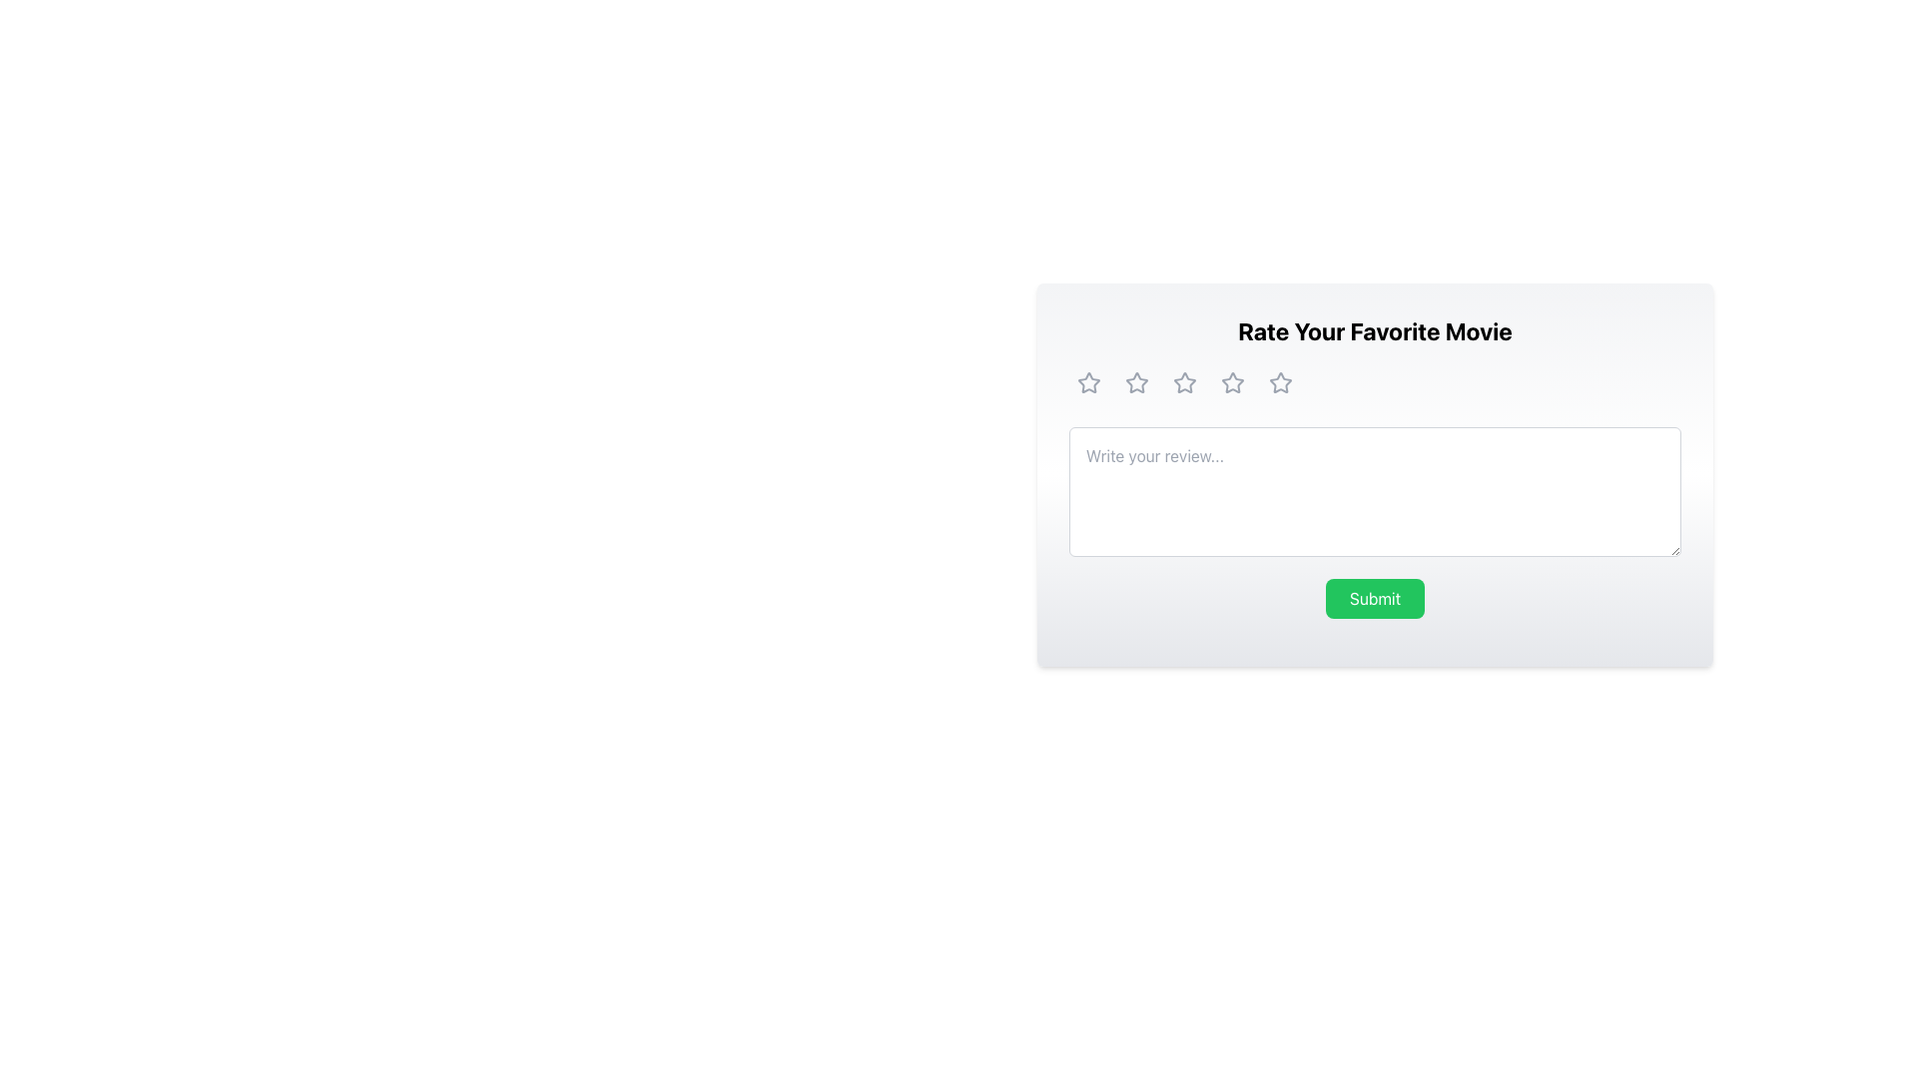  What do you see at coordinates (1280, 383) in the screenshot?
I see `the fifth star icon in the row of rating stars under the text 'Rate Your Favorite Movie'` at bounding box center [1280, 383].